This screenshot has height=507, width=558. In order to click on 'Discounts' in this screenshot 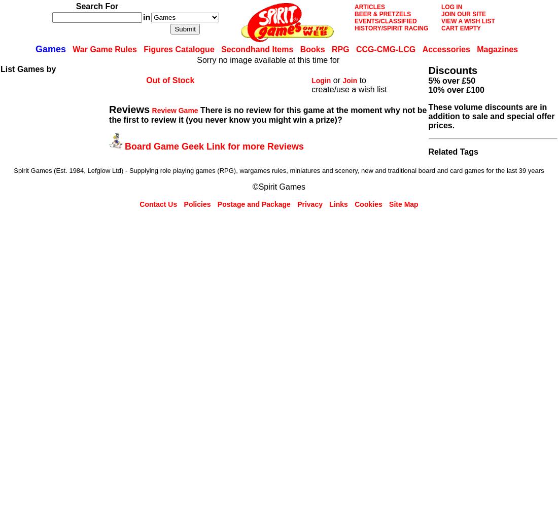, I will do `click(452, 70)`.